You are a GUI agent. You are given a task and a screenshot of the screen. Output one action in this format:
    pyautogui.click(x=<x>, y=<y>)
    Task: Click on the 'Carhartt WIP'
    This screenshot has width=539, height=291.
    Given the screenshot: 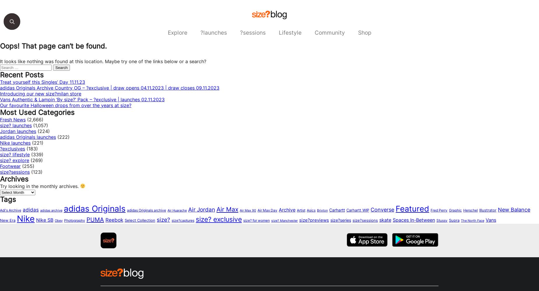 What is the action you would take?
    pyautogui.click(x=357, y=210)
    